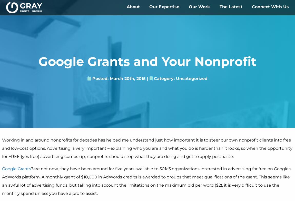 The height and width of the screenshot is (201, 295). What do you see at coordinates (16, 168) in the screenshot?
I see `'Google Grants'` at bounding box center [16, 168].